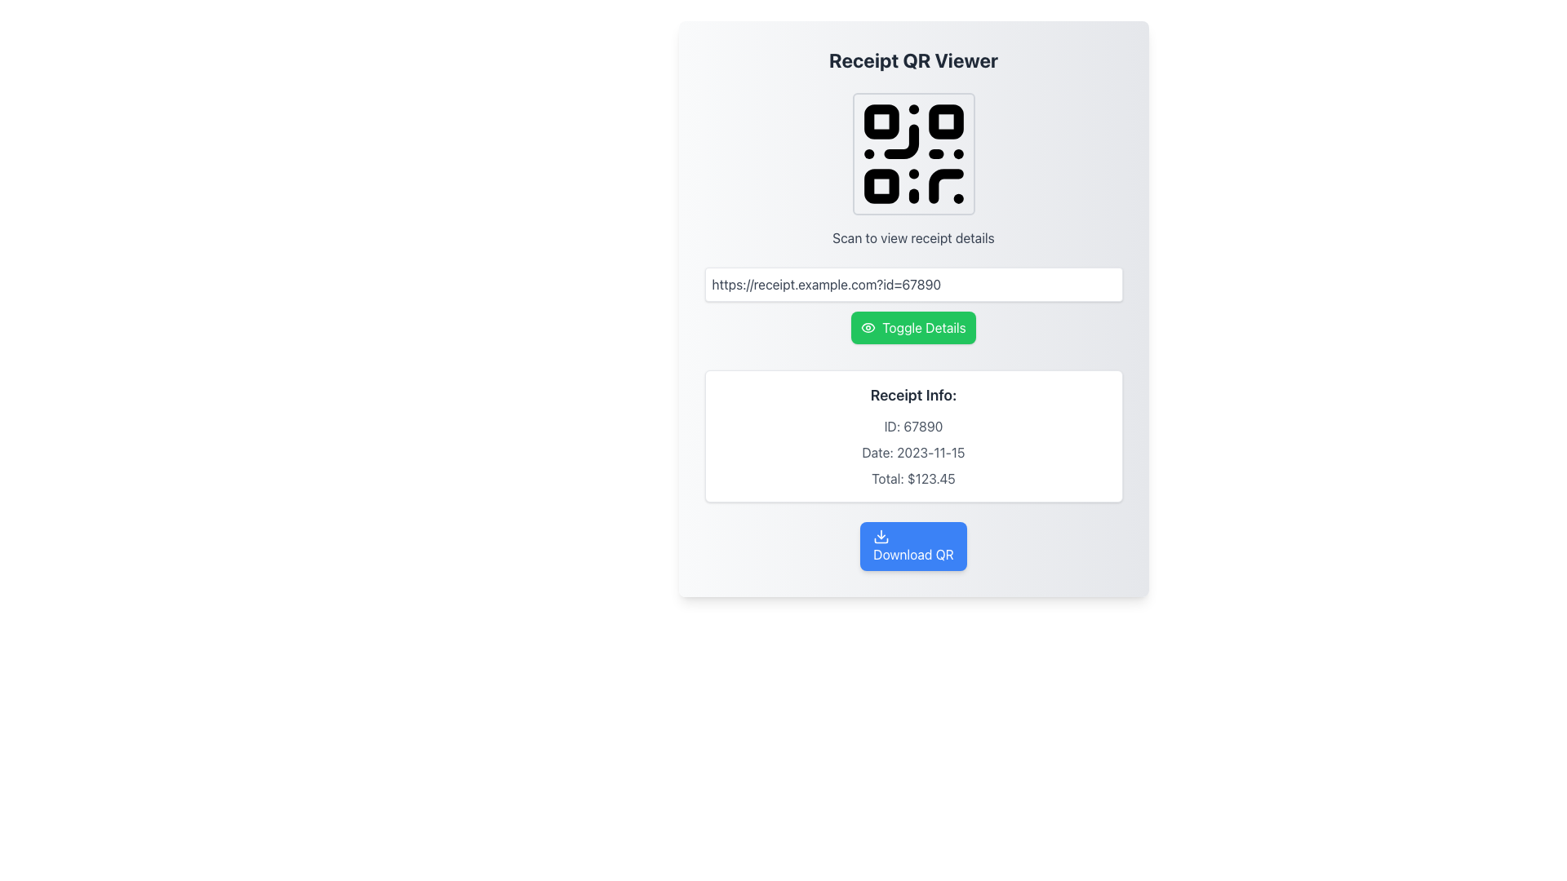 Image resolution: width=1567 pixels, height=881 pixels. I want to click on the graphical element that contributes to the QR code composition located in the top section of the interface, above the input field, specifically in the lower right quadrant, so click(946, 185).